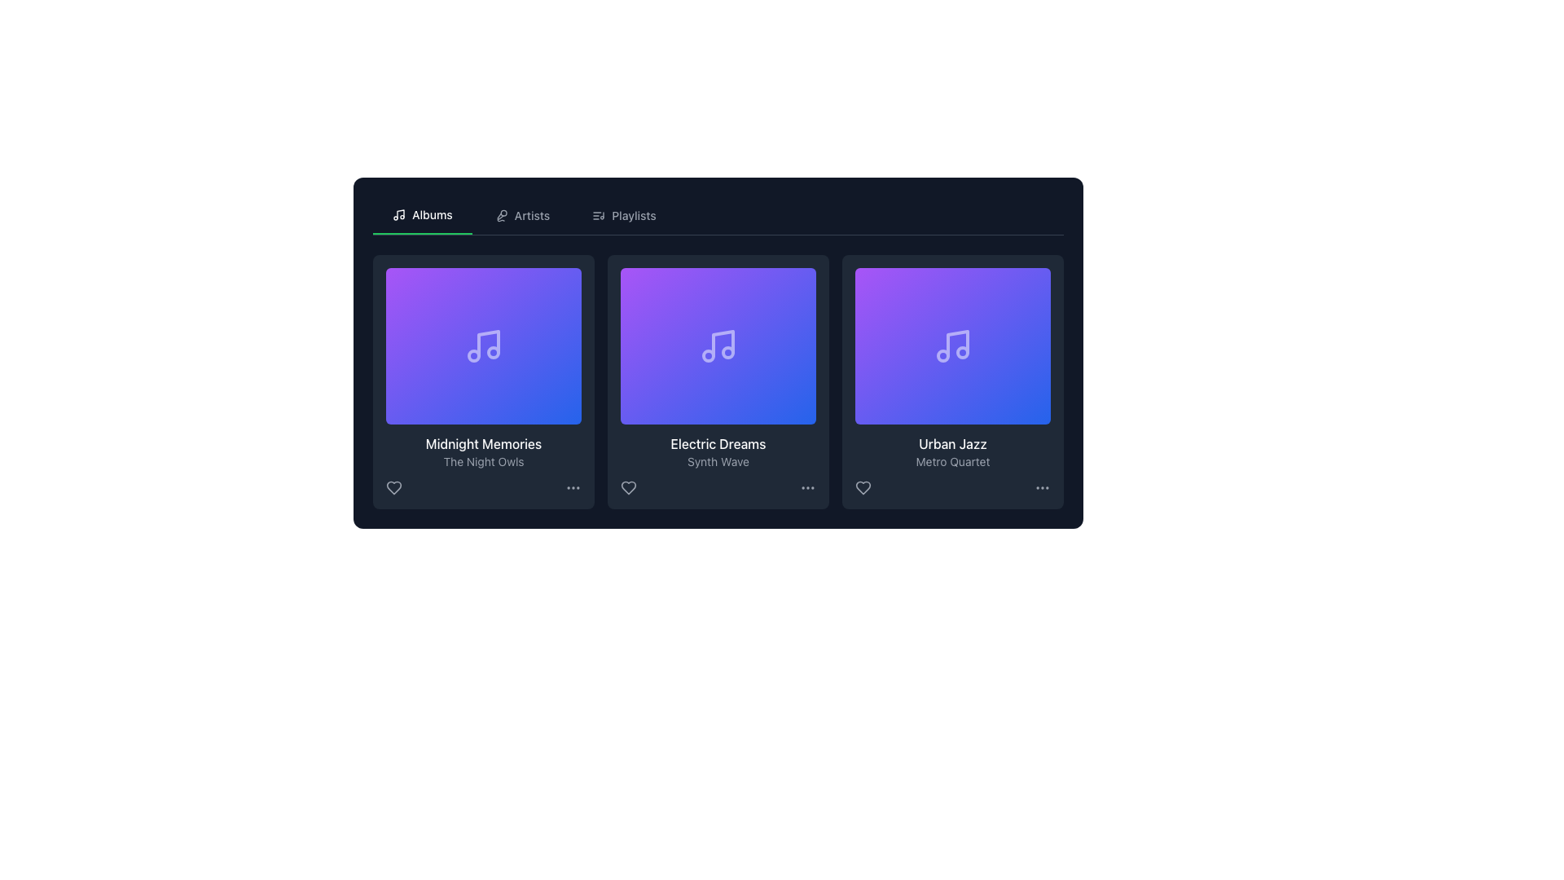  Describe the element at coordinates (559, 402) in the screenshot. I see `the play button located at the bottom-right corner of the card-like display` at that location.